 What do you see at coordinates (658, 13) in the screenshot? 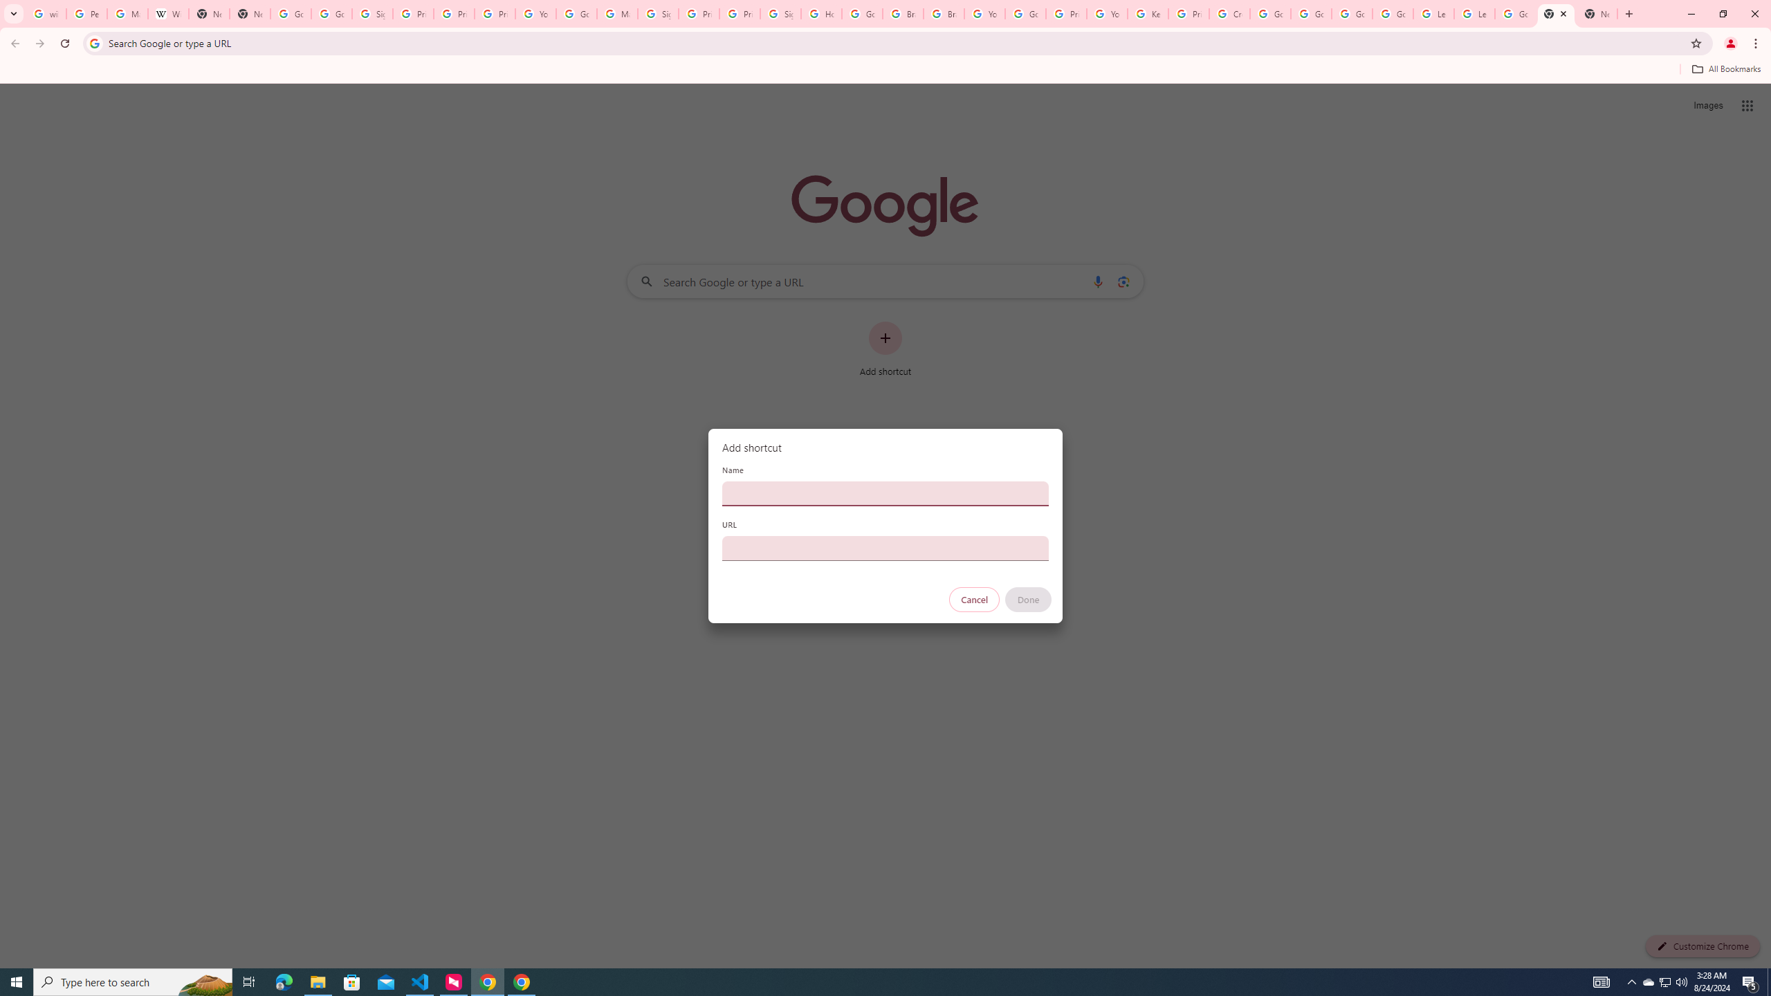
I see `'Sign in - Google Accounts'` at bounding box center [658, 13].